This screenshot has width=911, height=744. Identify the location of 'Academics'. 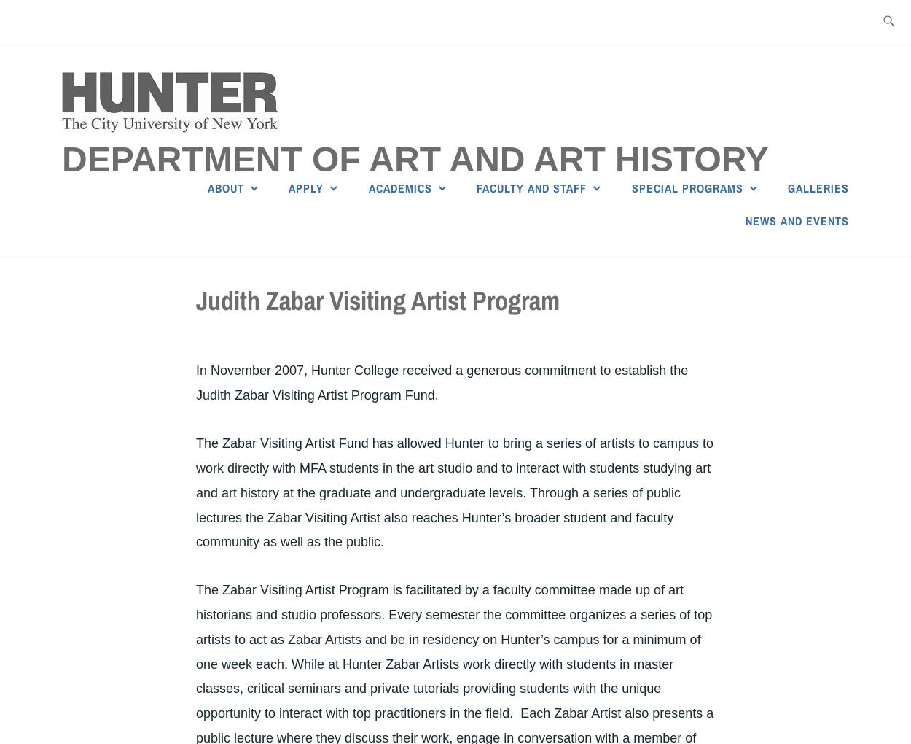
(399, 187).